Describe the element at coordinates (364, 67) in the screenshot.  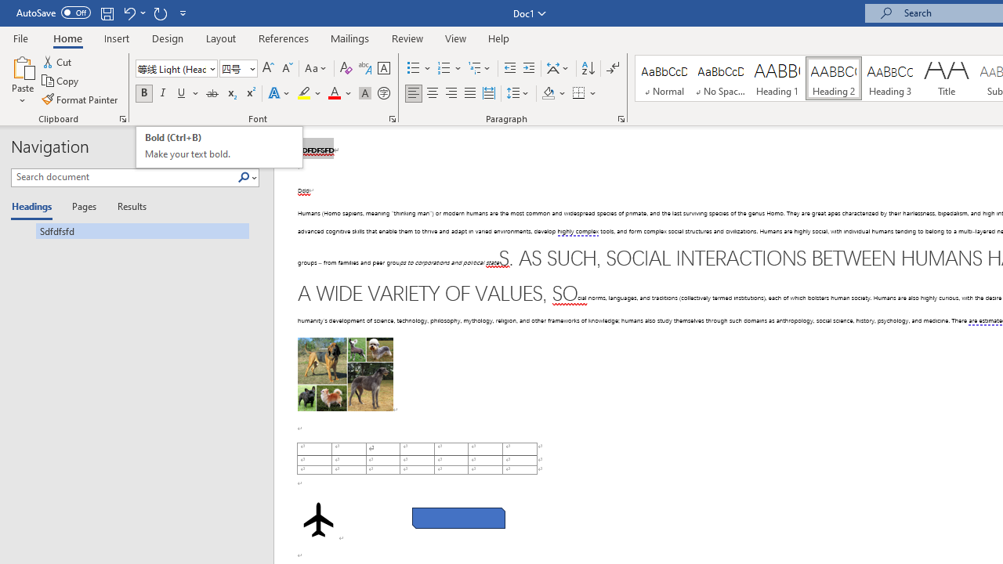
I see `'Phonetic Guide...'` at that location.